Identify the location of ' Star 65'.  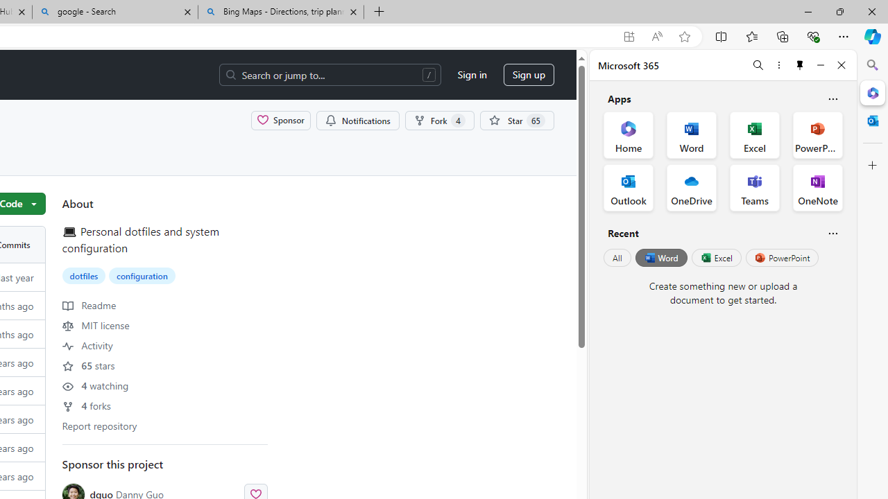
(515, 119).